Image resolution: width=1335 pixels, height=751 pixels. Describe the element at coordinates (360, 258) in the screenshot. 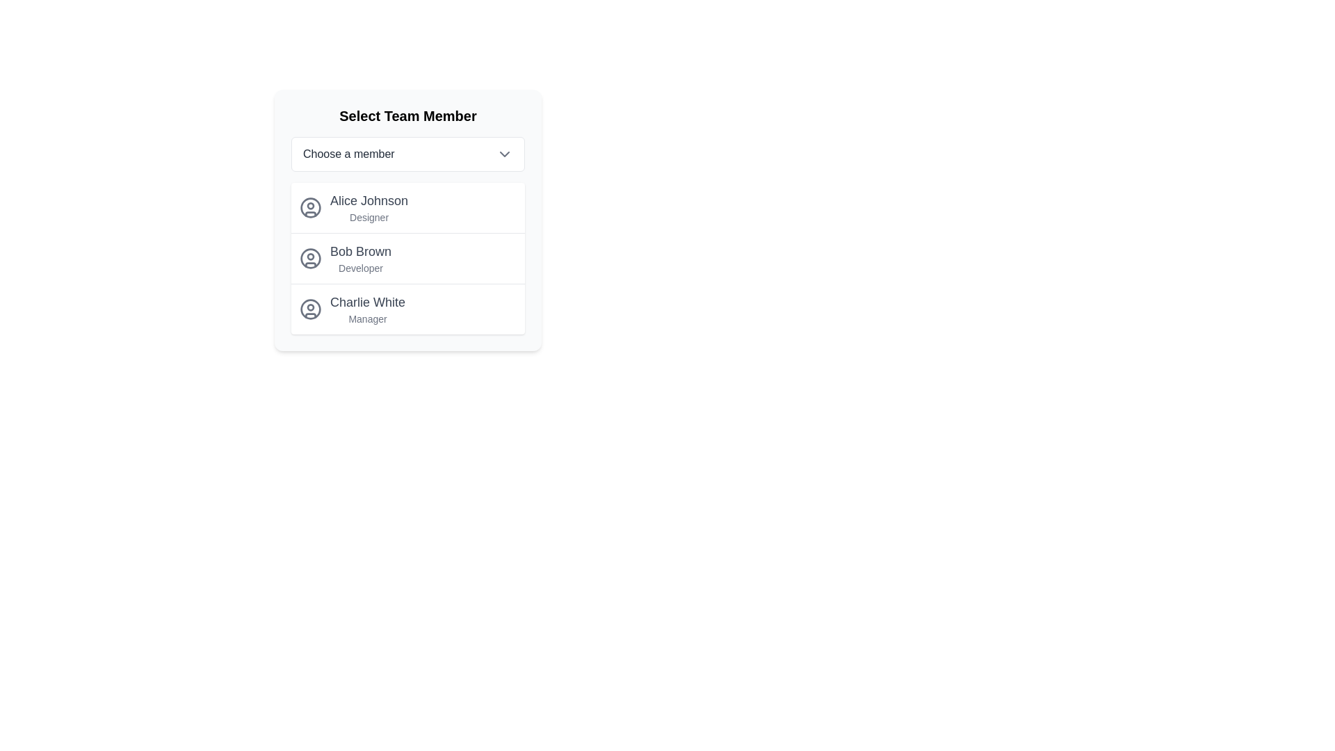

I see `text label displaying 'Bob Brown' and 'Developer', which is the second item in the list of team members under 'Select Team Member'` at that location.